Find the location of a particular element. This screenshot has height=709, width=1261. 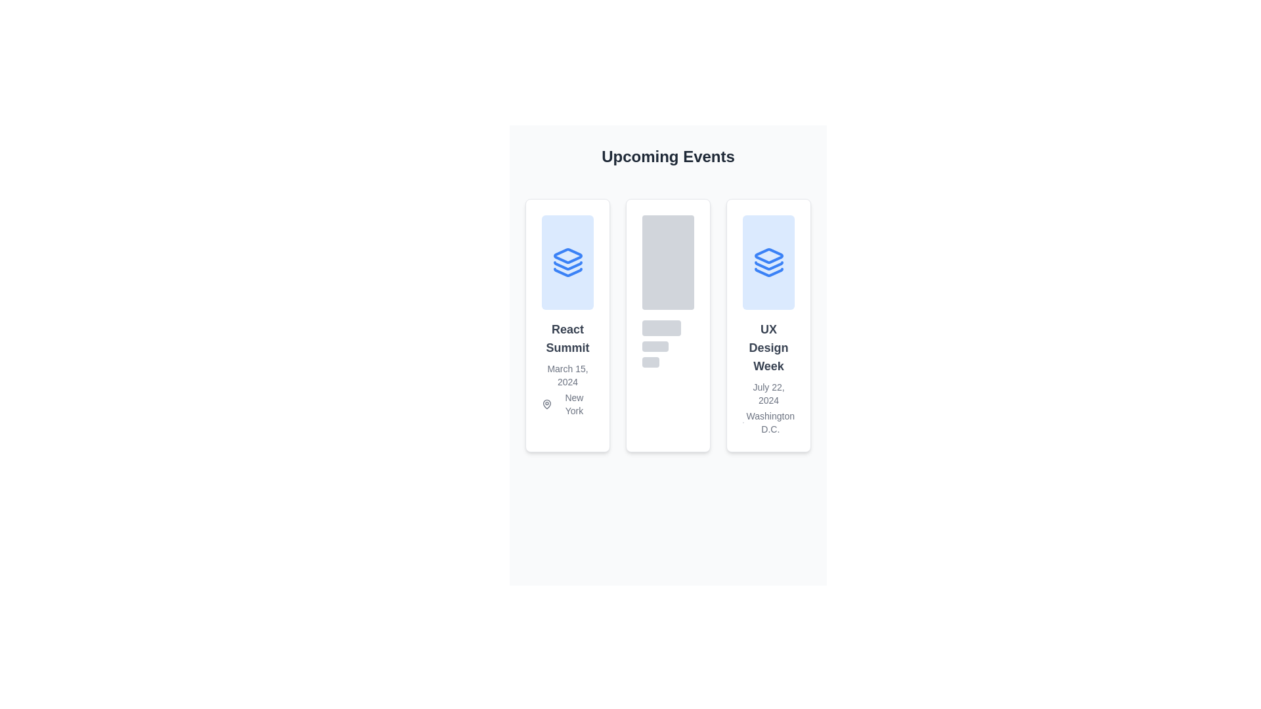

the diamond-shaped component with a blue outline located in the upper section of the card titled 'React Summit', which is part of the icon resembling a stack of layers in the first card under 'Upcoming Events' is located at coordinates (567, 255).